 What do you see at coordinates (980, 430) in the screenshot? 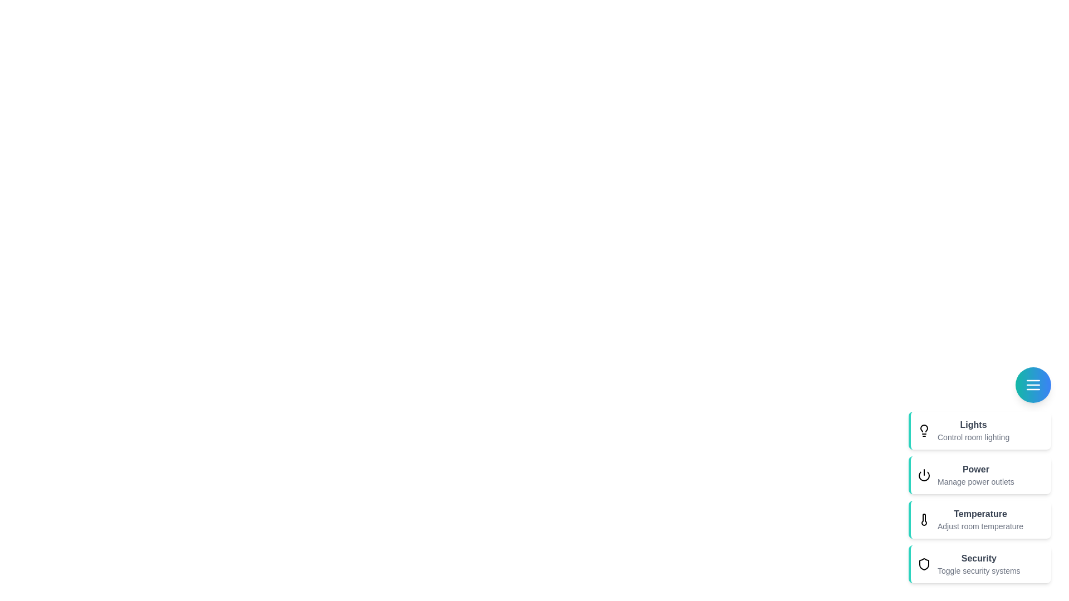
I see `the Lights action from the menu` at bounding box center [980, 430].